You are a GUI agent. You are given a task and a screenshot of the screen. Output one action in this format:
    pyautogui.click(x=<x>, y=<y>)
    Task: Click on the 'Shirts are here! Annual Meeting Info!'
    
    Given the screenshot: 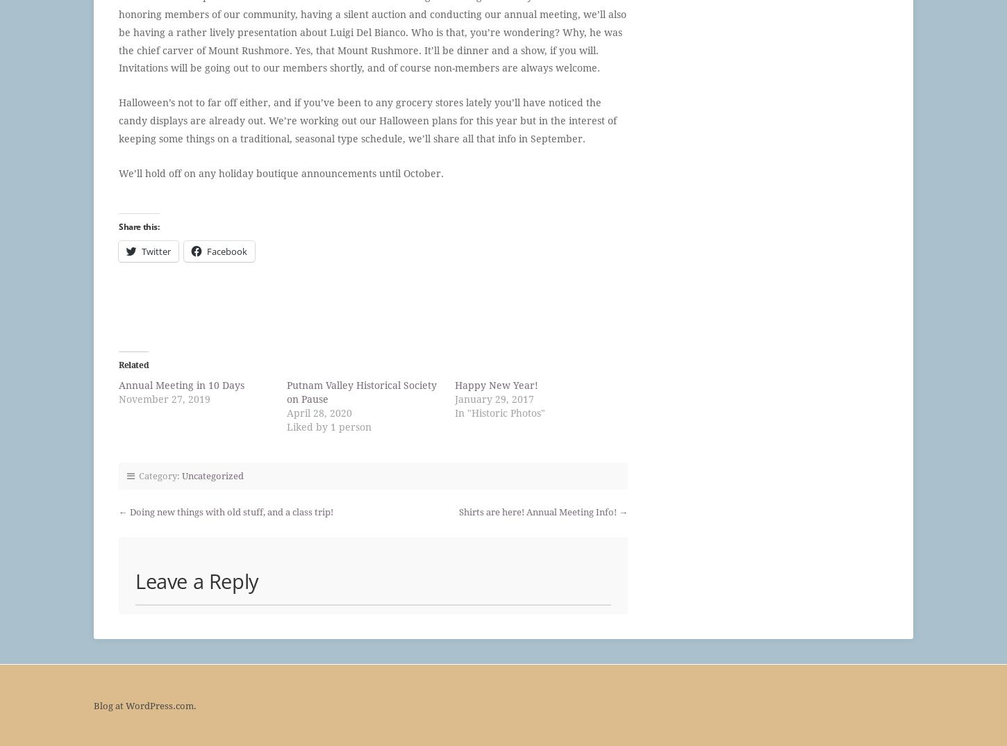 What is the action you would take?
    pyautogui.click(x=538, y=511)
    